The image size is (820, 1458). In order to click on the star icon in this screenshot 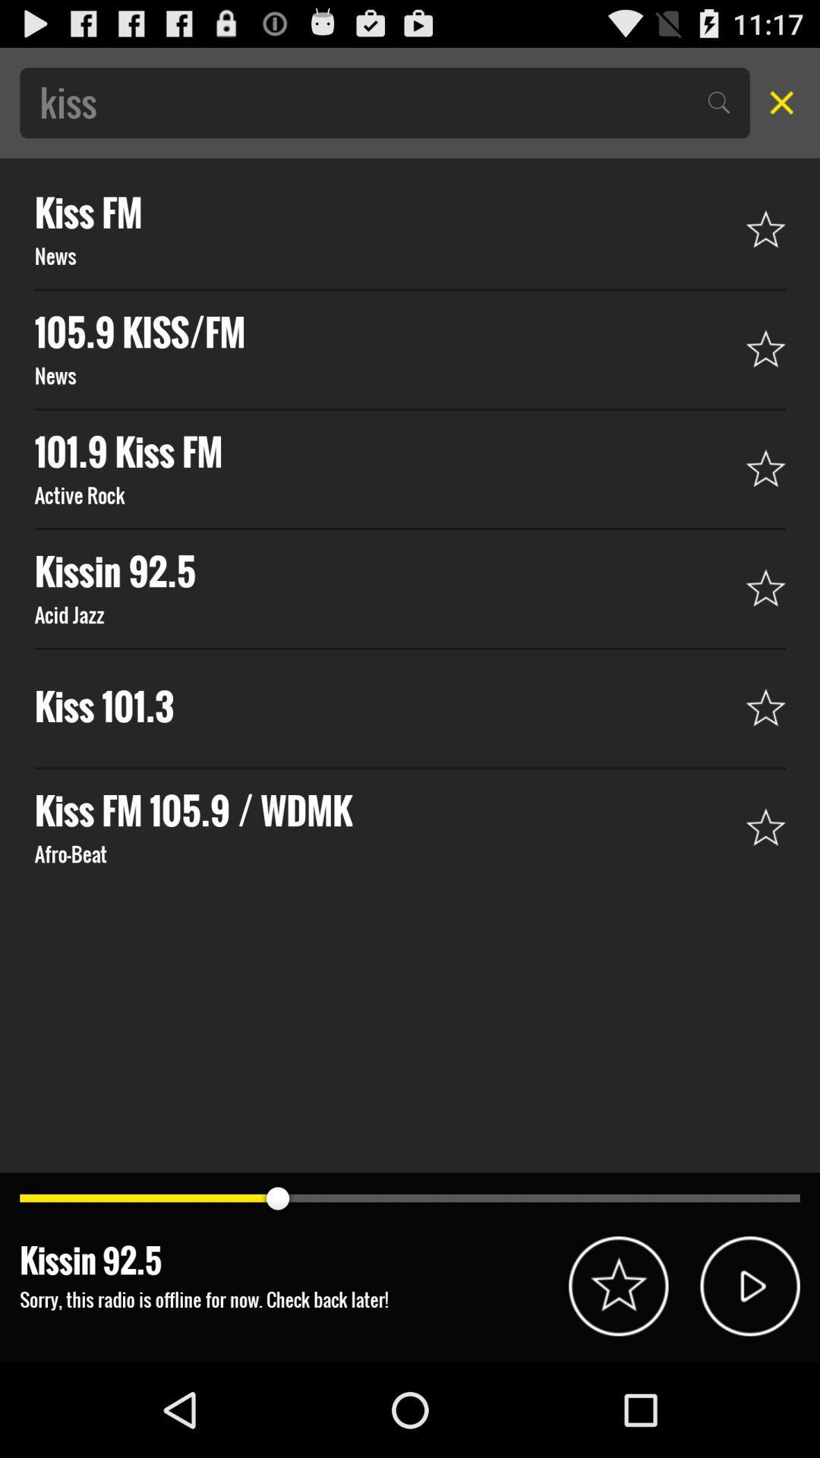, I will do `click(618, 1376)`.